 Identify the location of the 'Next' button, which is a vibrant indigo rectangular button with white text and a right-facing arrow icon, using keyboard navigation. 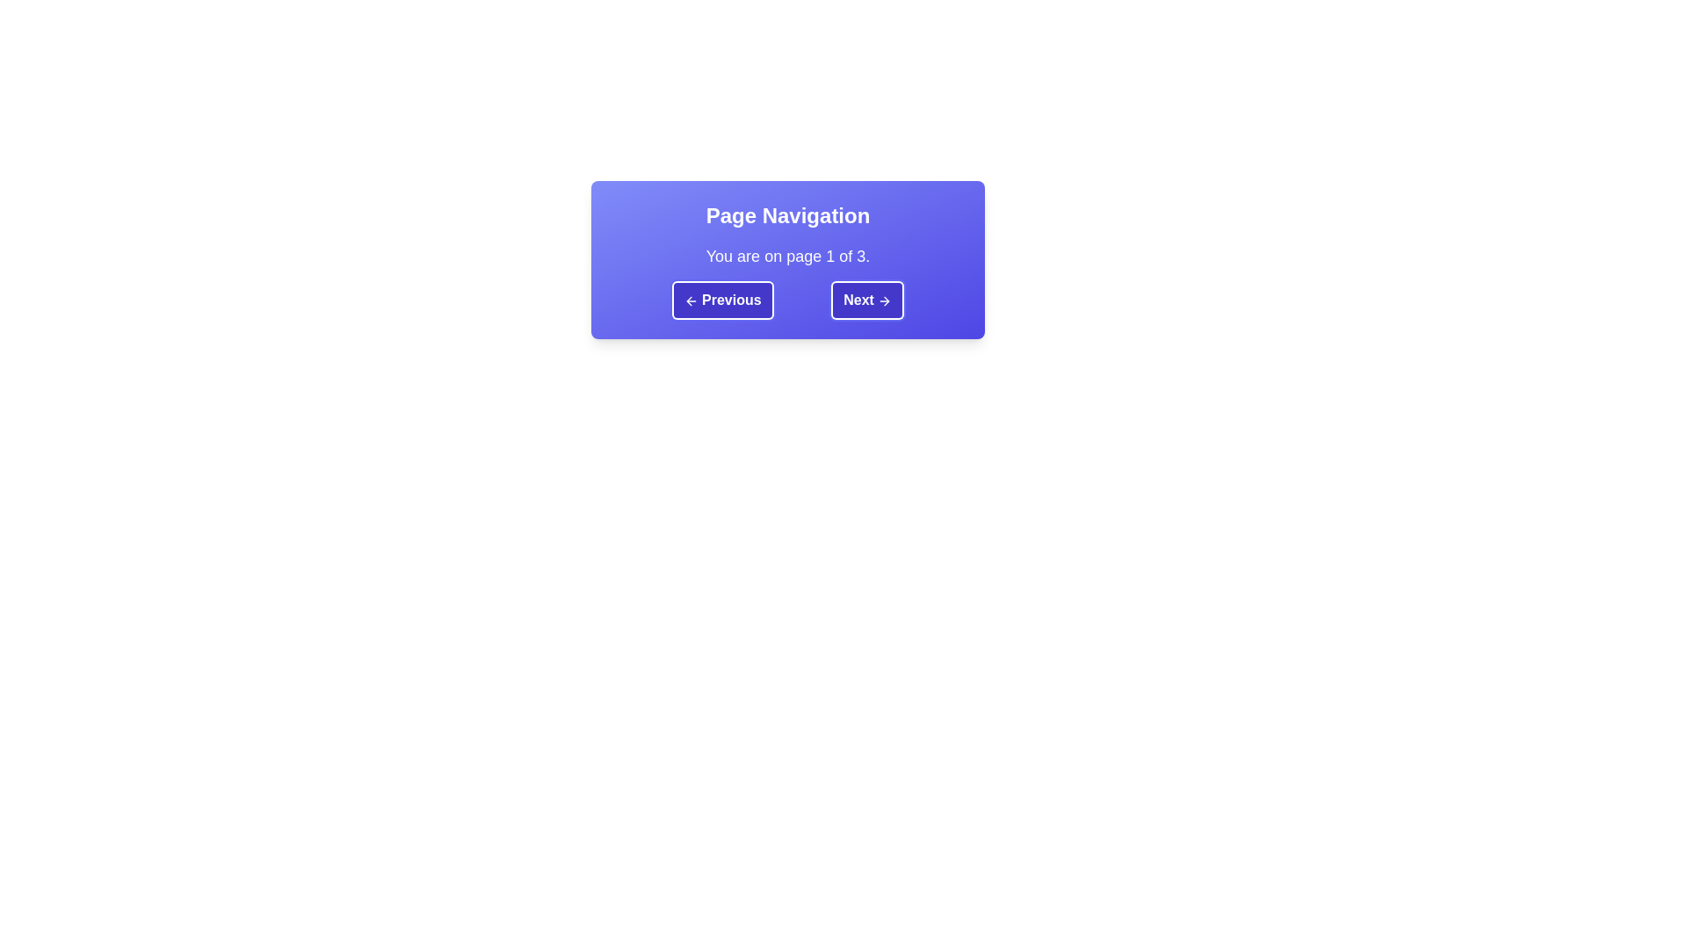
(867, 300).